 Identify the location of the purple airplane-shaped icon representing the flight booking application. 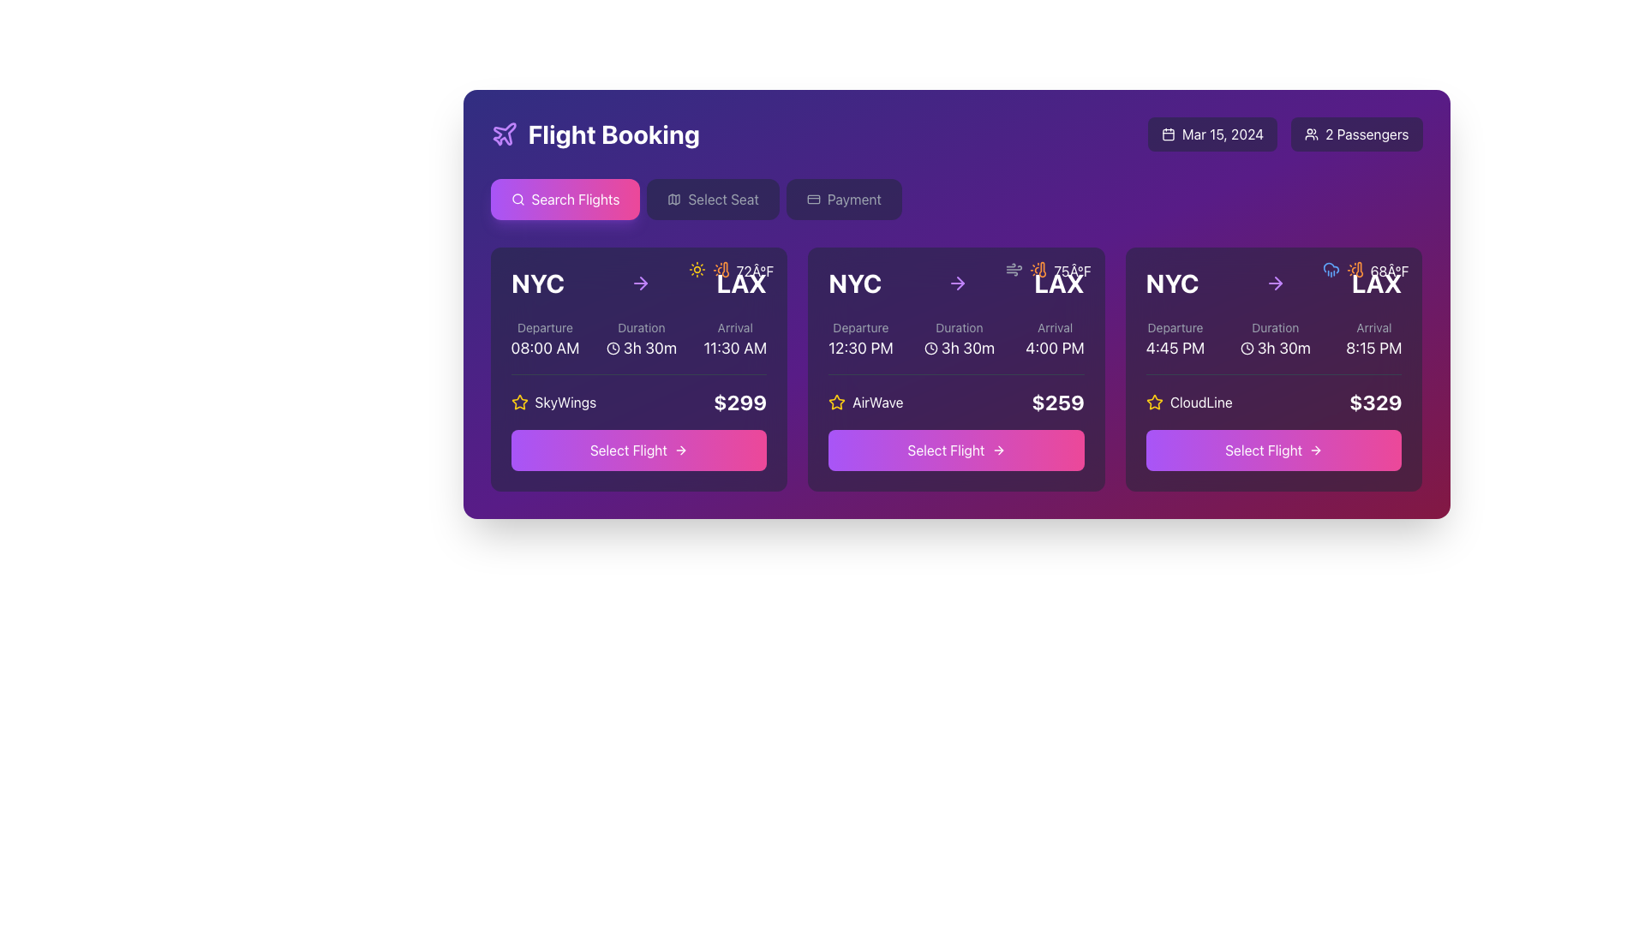
(503, 133).